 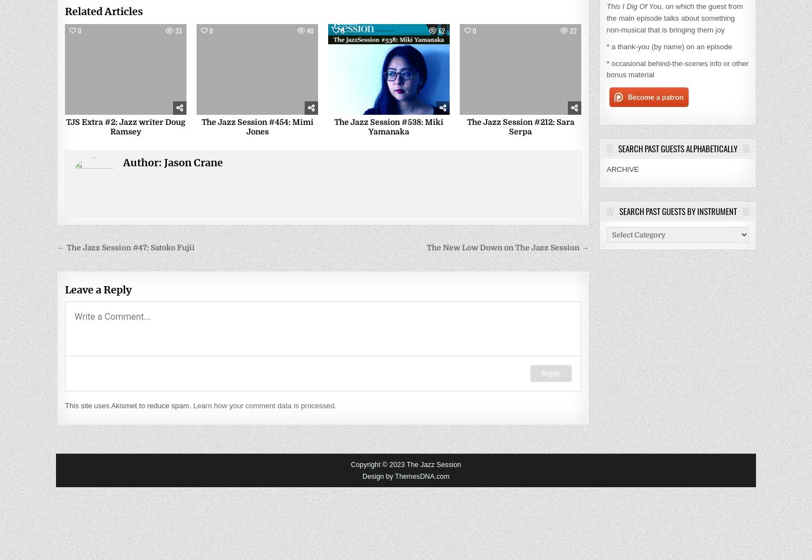 I want to click on '40', so click(x=306, y=30).